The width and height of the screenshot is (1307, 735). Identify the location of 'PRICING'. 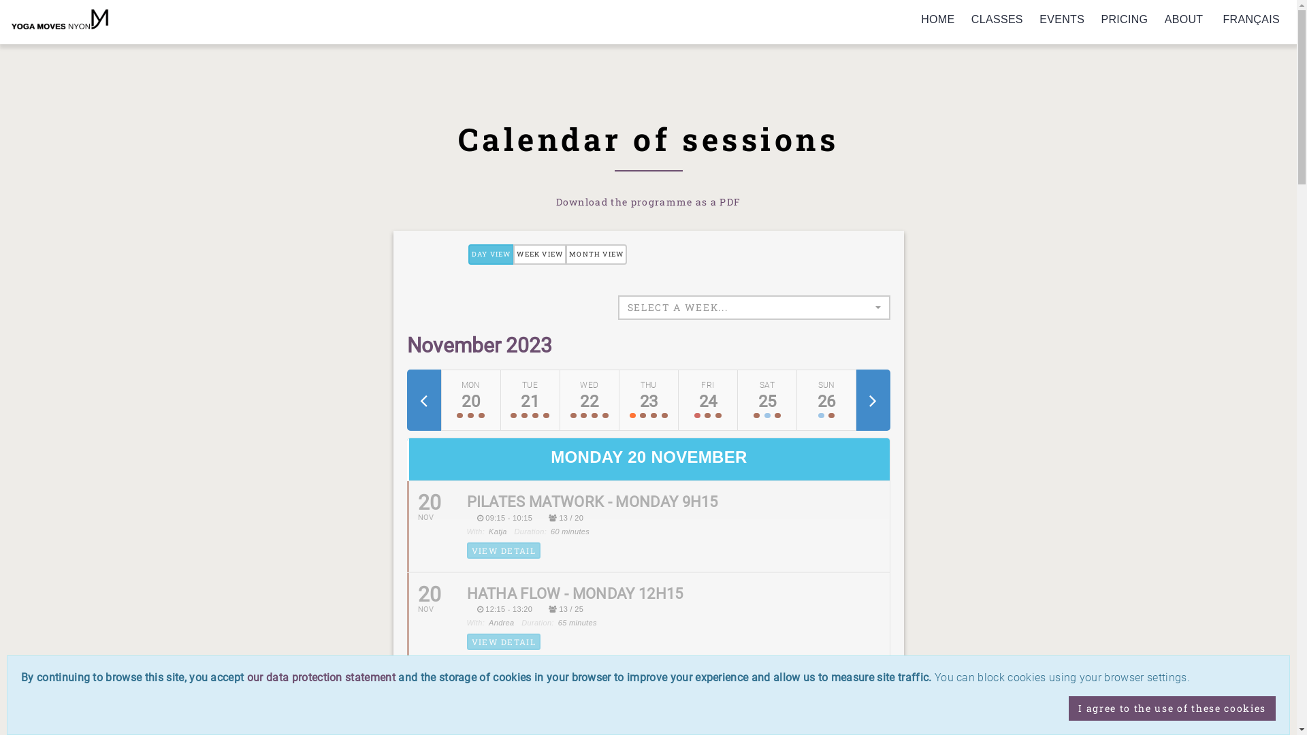
(1094, 20).